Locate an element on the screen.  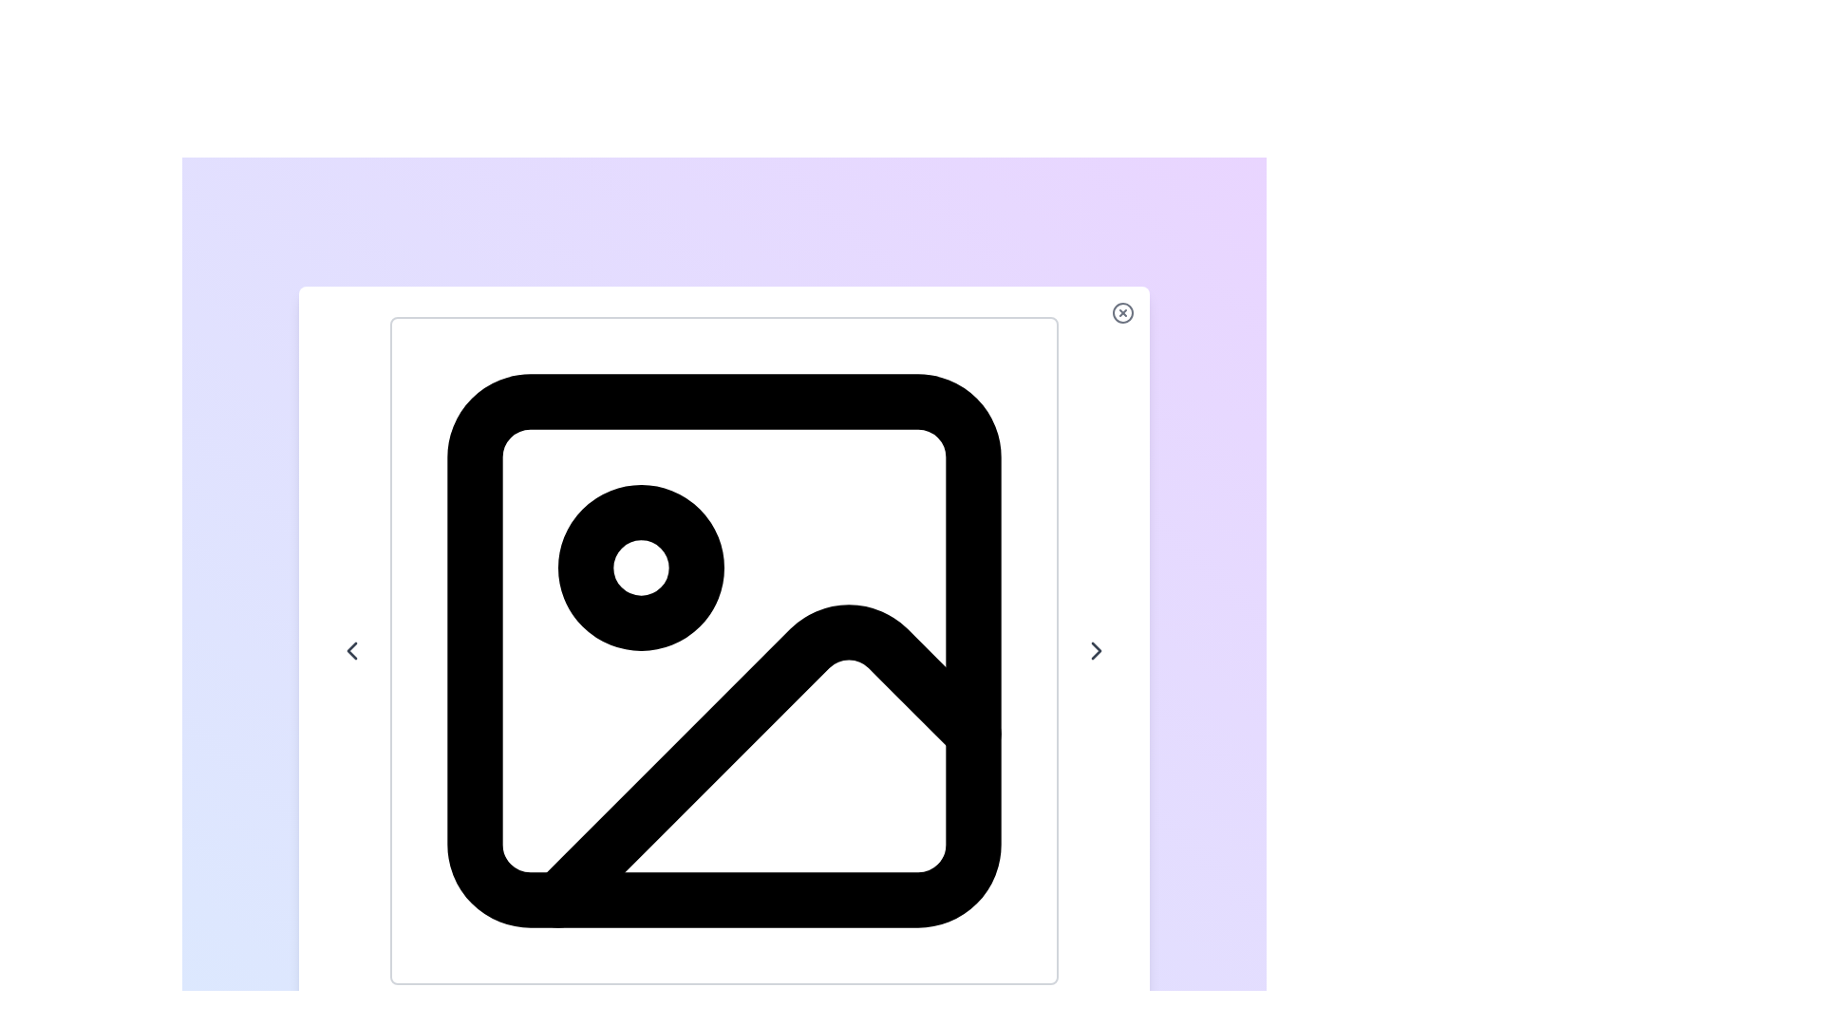
the right-pointing chevron icon located within the right arrow navigation button on the right edge of the interface, which is vertically aligned with the currently focused content is located at coordinates (1097, 650).